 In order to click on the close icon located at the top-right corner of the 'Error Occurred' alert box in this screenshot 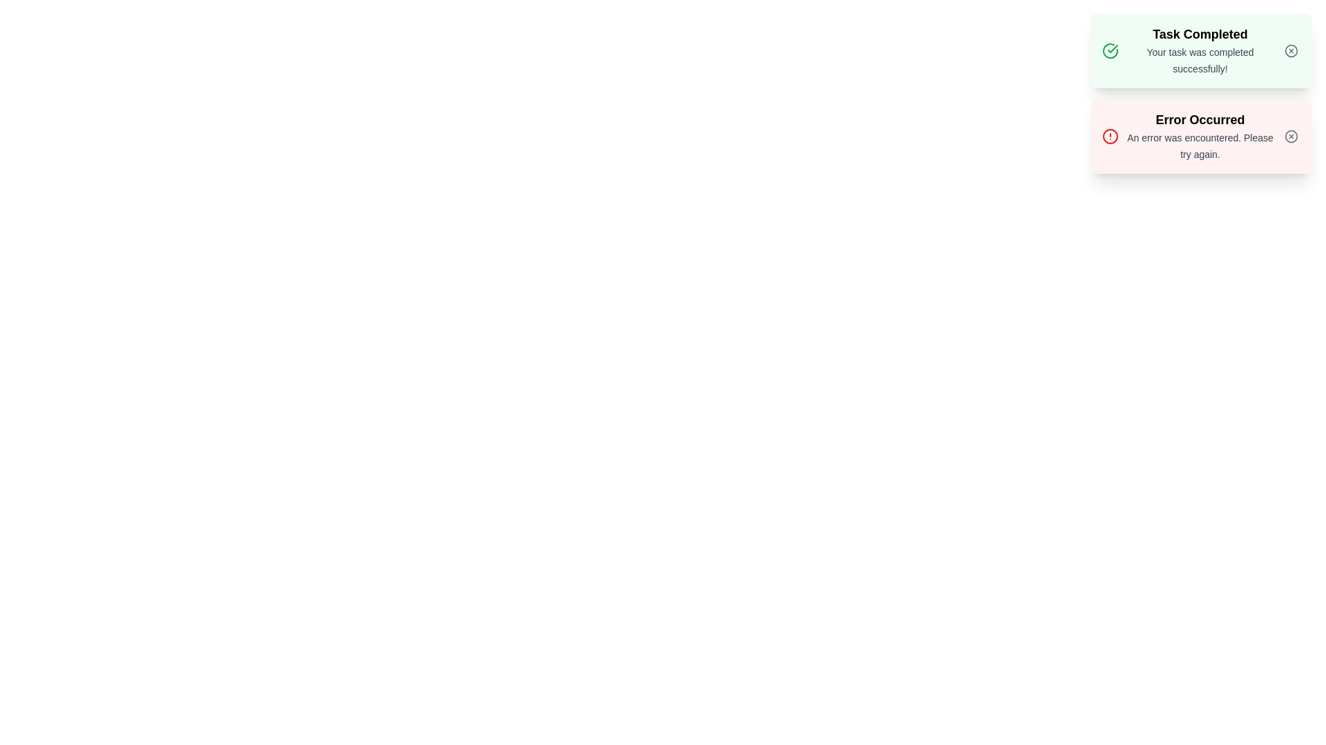, I will do `click(1291, 136)`.